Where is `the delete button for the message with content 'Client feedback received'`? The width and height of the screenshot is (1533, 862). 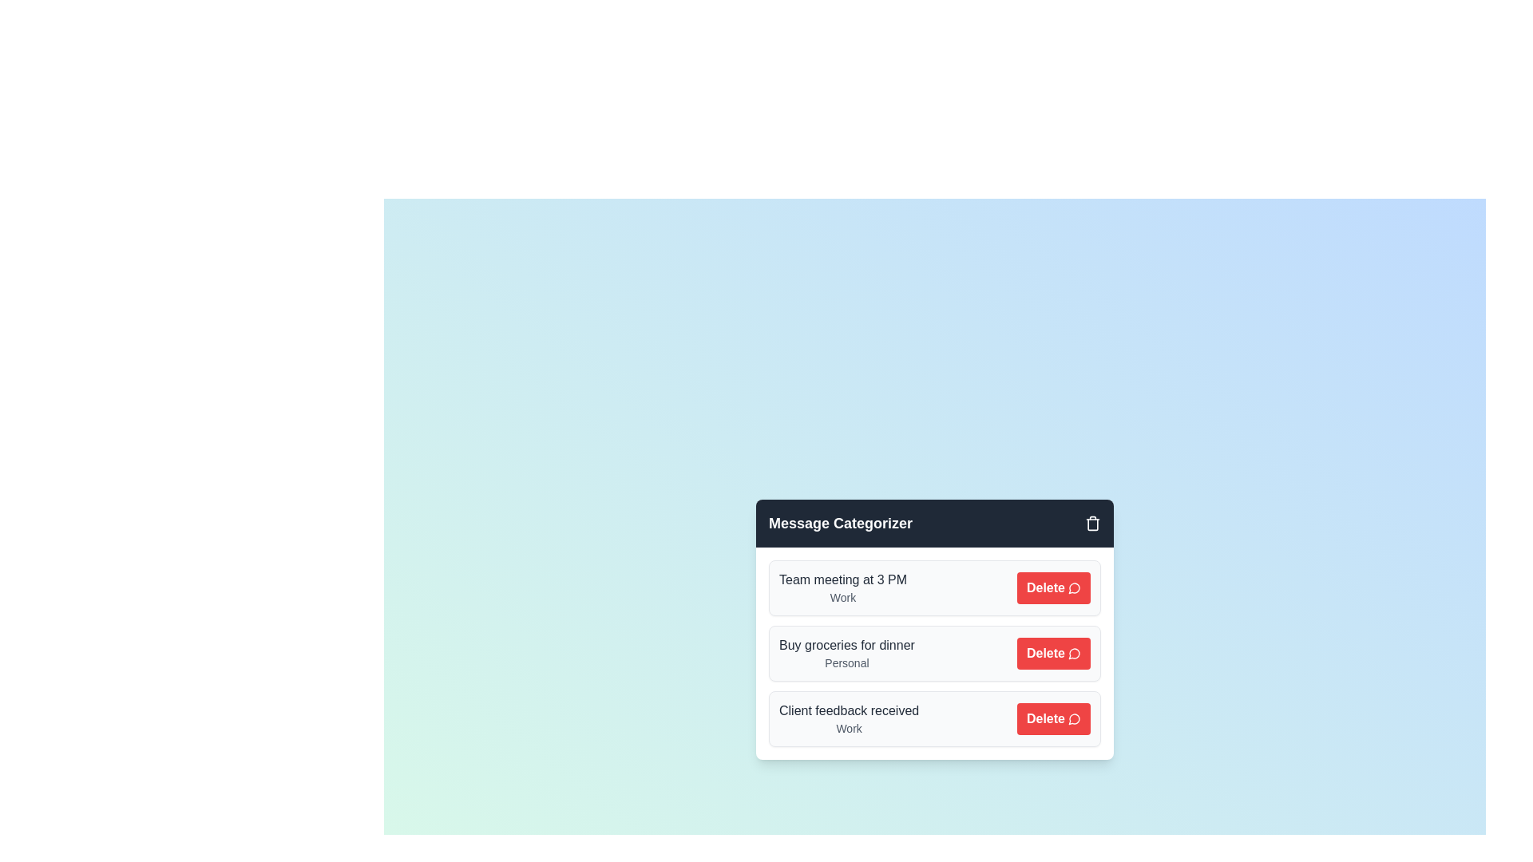 the delete button for the message with content 'Client feedback received' is located at coordinates (1054, 719).